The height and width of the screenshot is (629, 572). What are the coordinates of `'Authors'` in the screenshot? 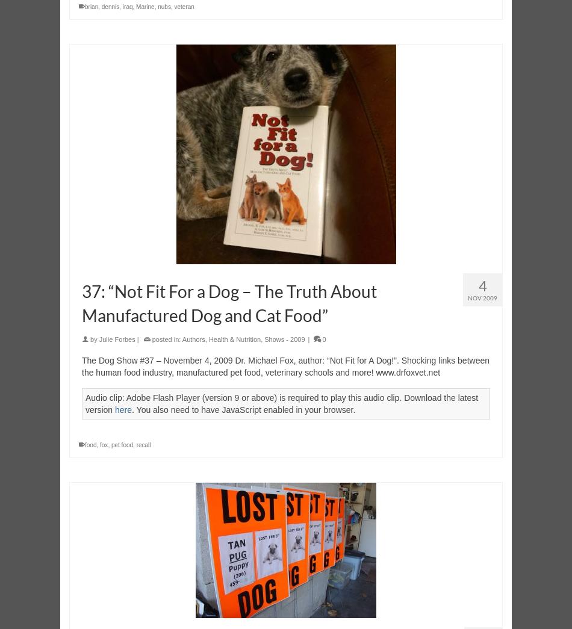 It's located at (193, 339).